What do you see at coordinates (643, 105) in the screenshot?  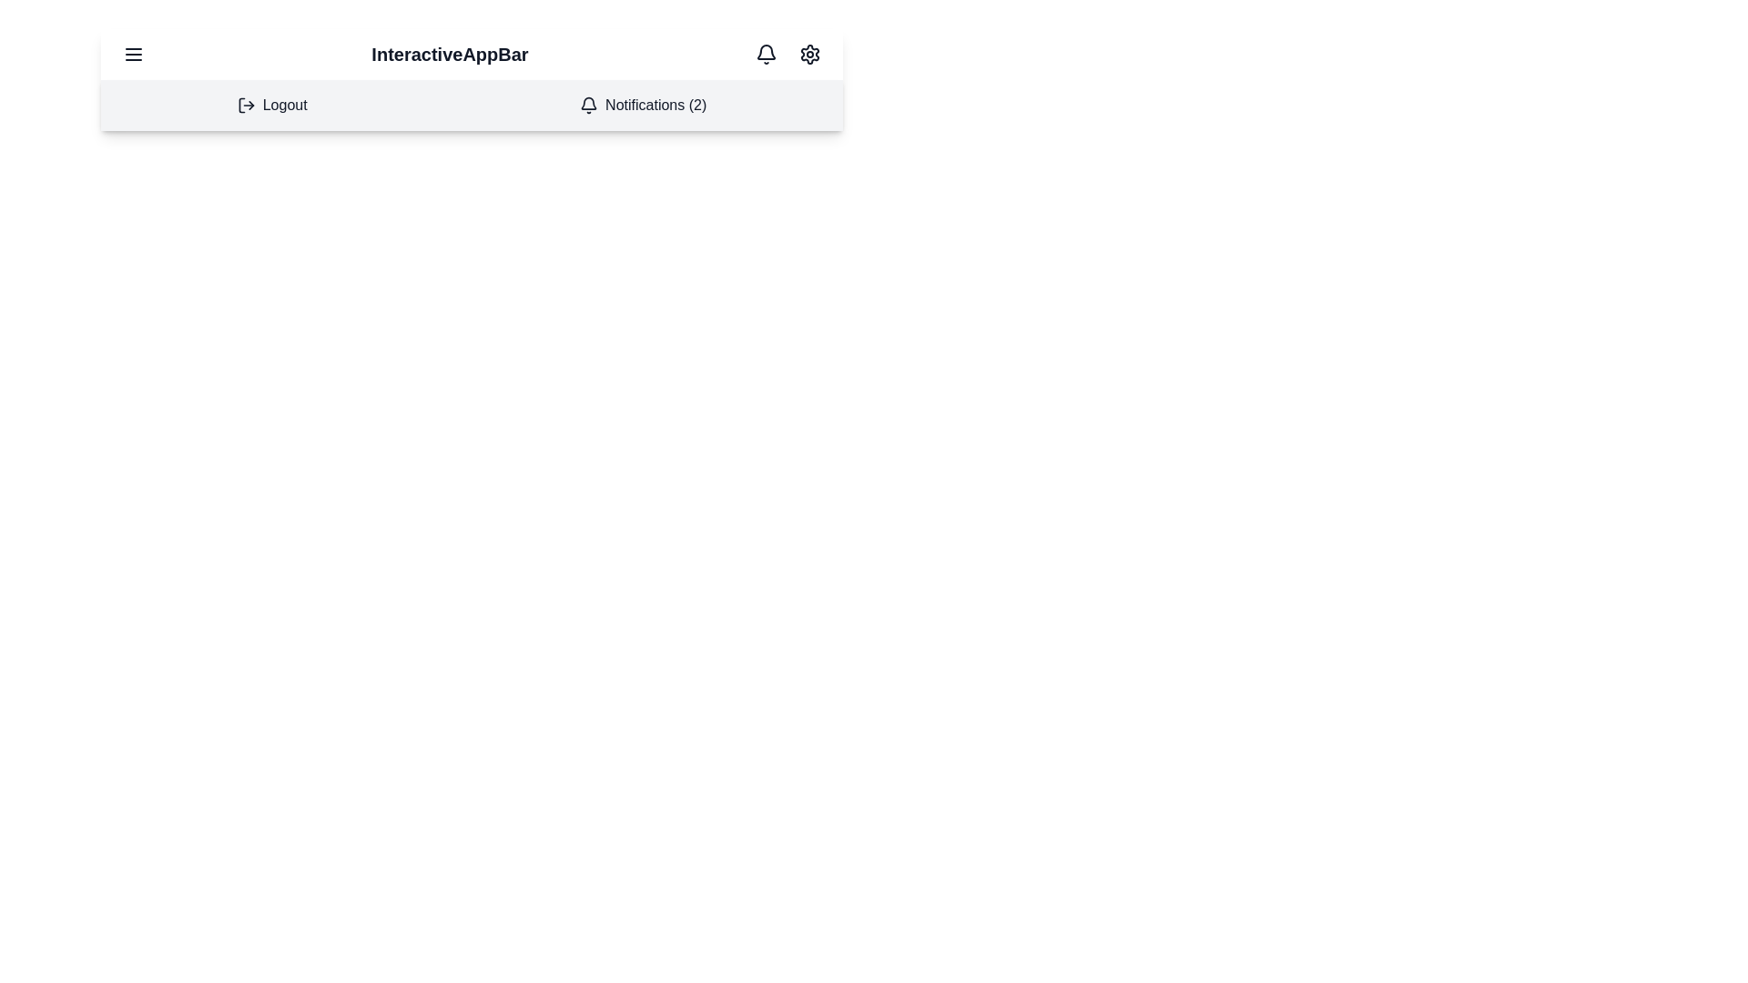 I see `the menu item Notifications to perform its action` at bounding box center [643, 105].